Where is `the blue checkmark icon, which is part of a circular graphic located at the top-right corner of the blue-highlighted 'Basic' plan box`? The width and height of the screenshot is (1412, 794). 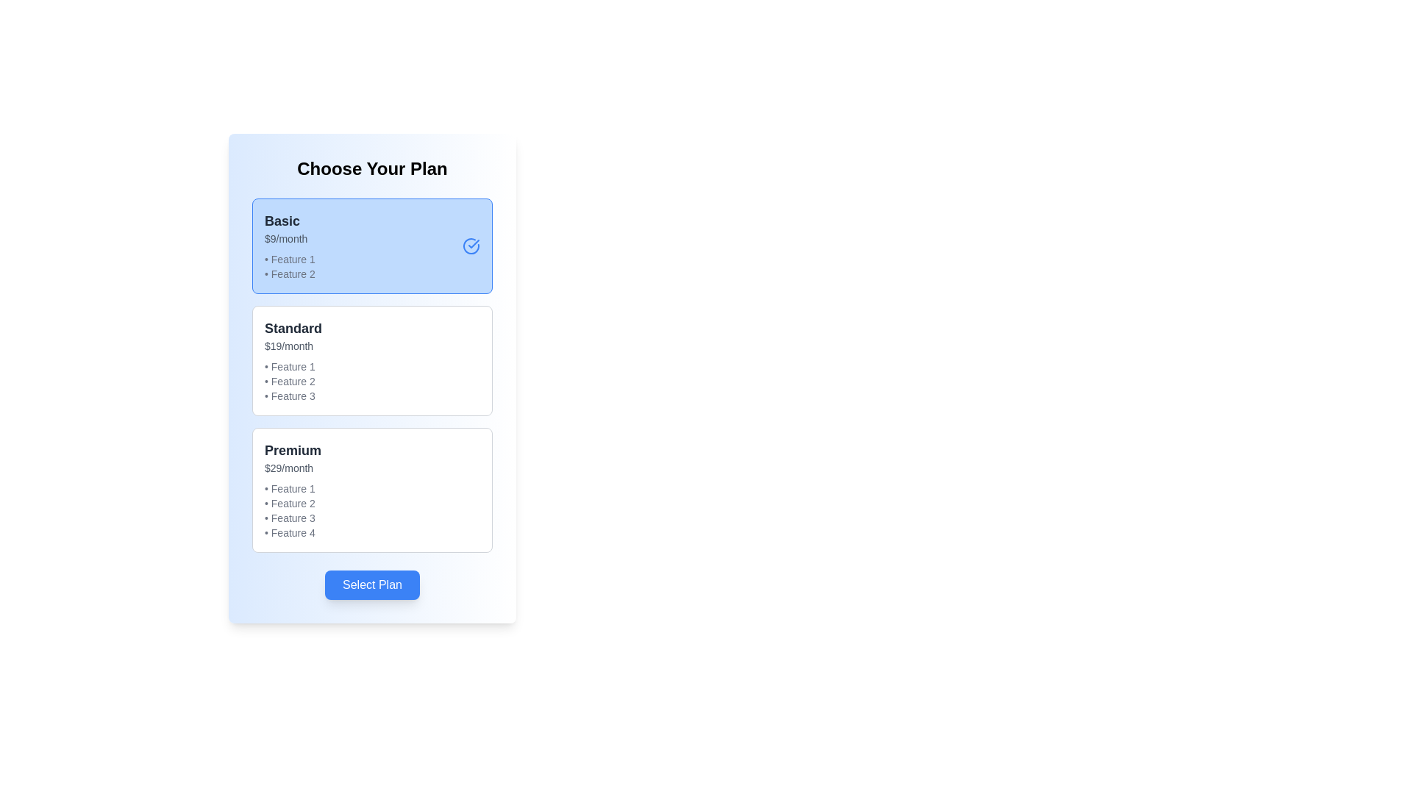 the blue checkmark icon, which is part of a circular graphic located at the top-right corner of the blue-highlighted 'Basic' plan box is located at coordinates (474, 243).